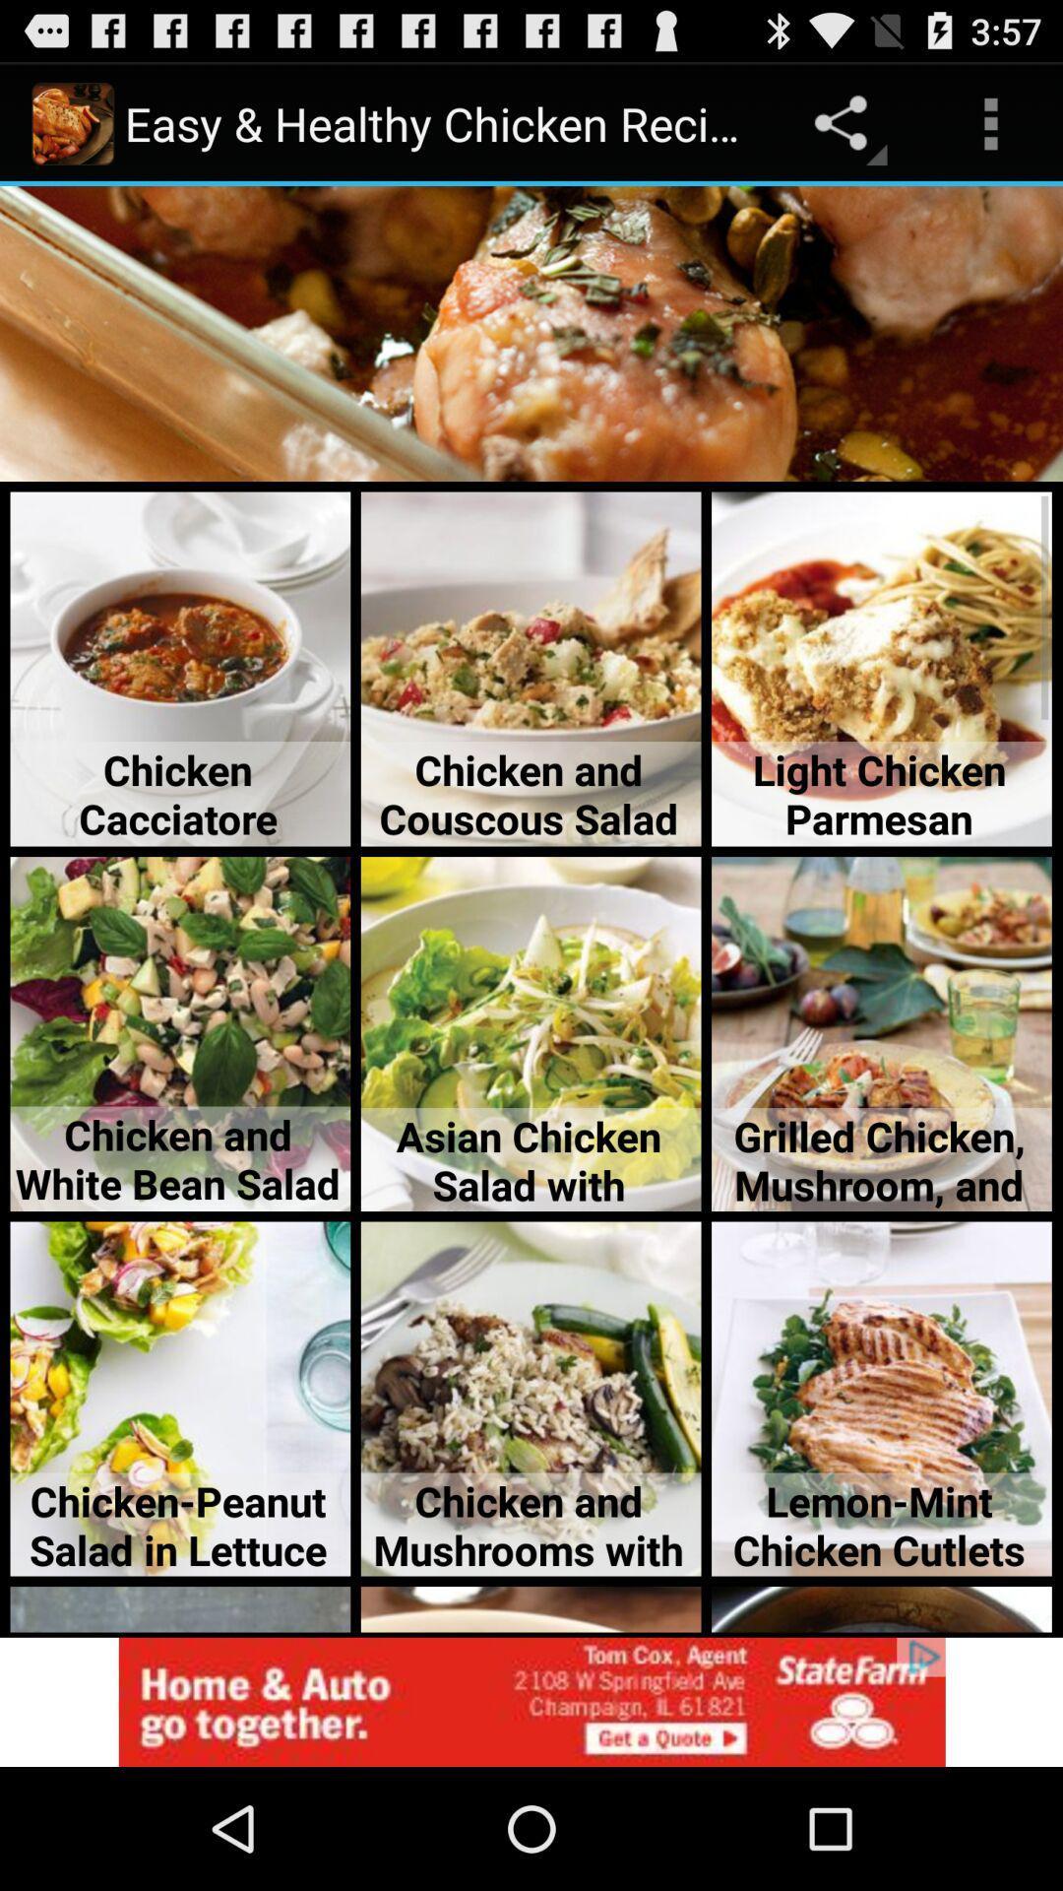 The height and width of the screenshot is (1891, 1063). Describe the element at coordinates (531, 1701) in the screenshot. I see `advertisement` at that location.